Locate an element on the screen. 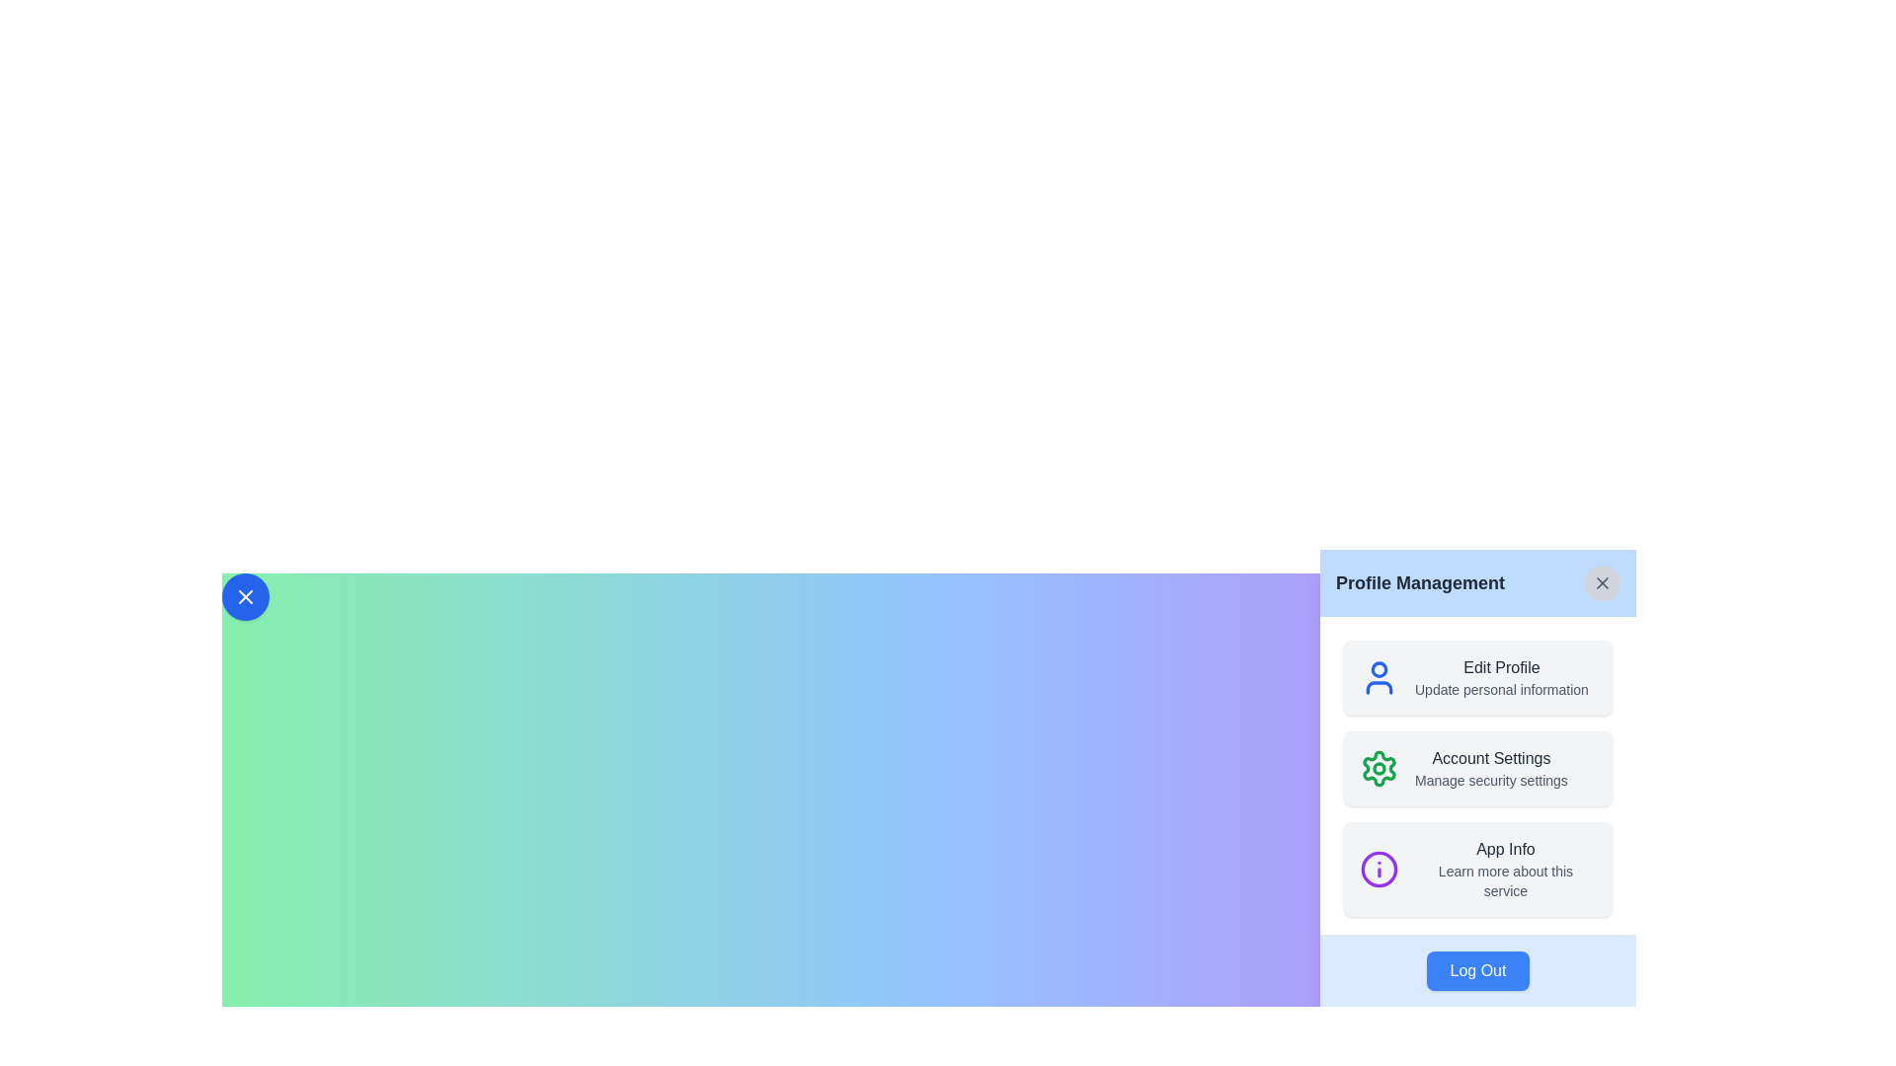 The image size is (1896, 1066). the 'Edit Profile' text label, which is styled with a gray font color and medium weight, located at the top of the 'Profile Management' modal panel, adjacent to a user profile icon is located at coordinates (1501, 667).